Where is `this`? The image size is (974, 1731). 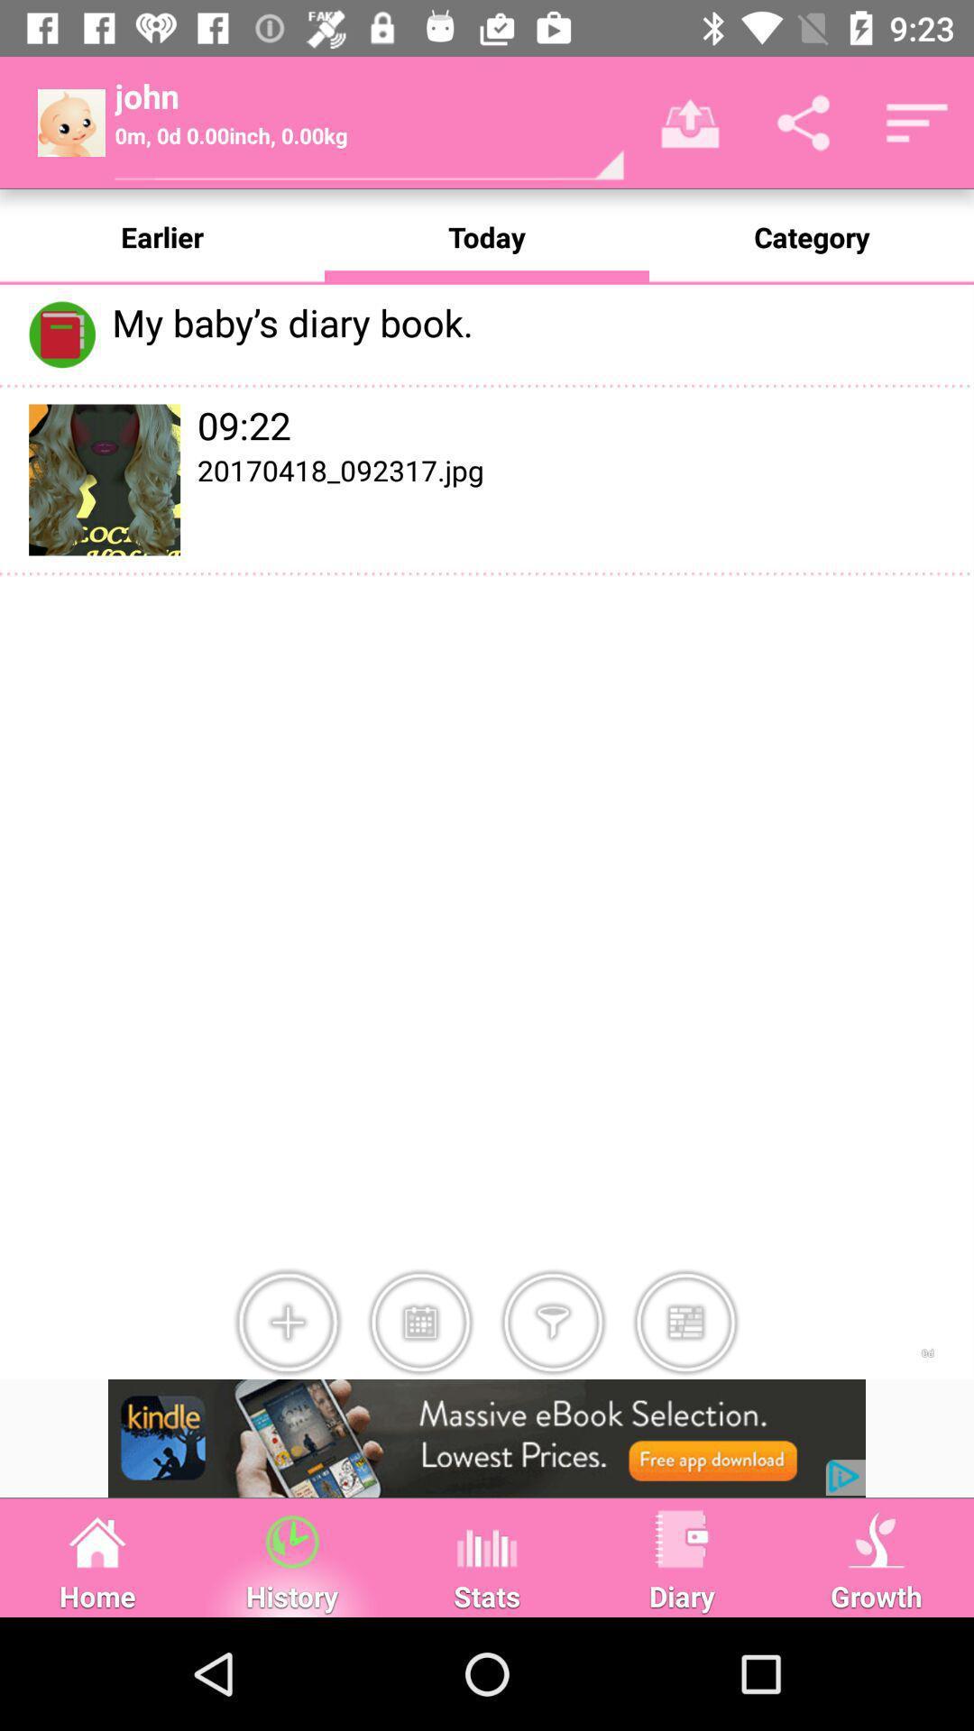
this is located at coordinates (685, 1323).